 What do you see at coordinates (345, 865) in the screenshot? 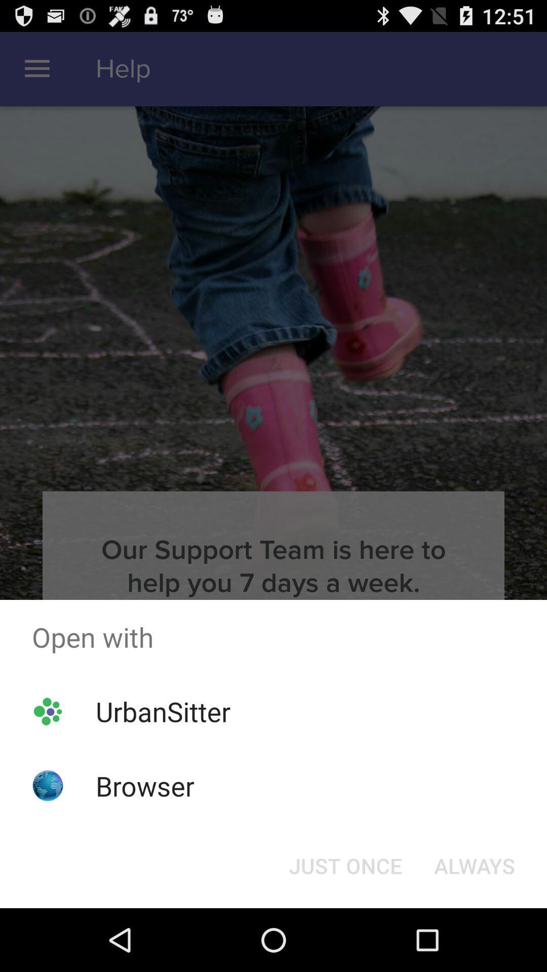
I see `icon to the left of always icon` at bounding box center [345, 865].